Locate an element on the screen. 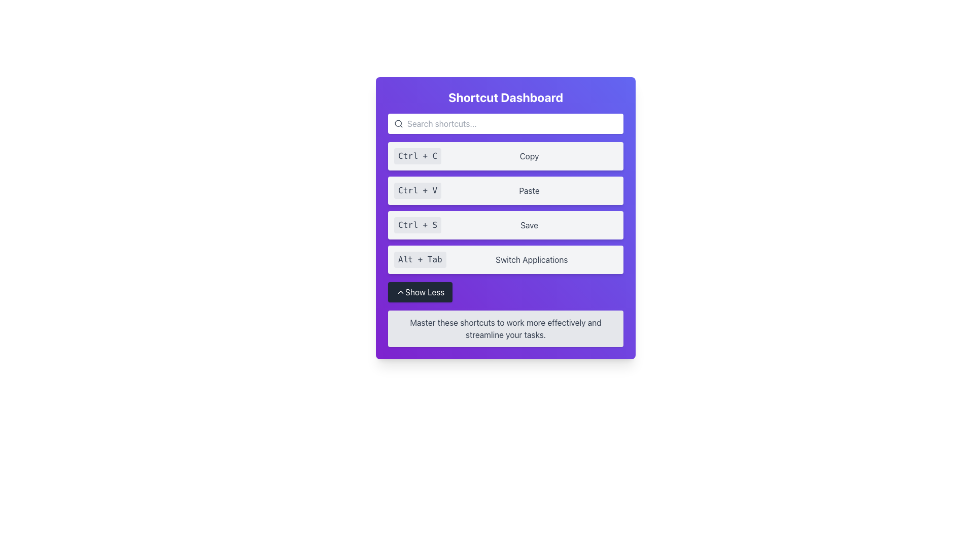 The height and width of the screenshot is (548, 974). the static text label displaying 'Paste', which is medium-dark gray and located in the Shortcut Dashboard below the 'Ctrl + V' keyboard shortcut is located at coordinates (529, 190).